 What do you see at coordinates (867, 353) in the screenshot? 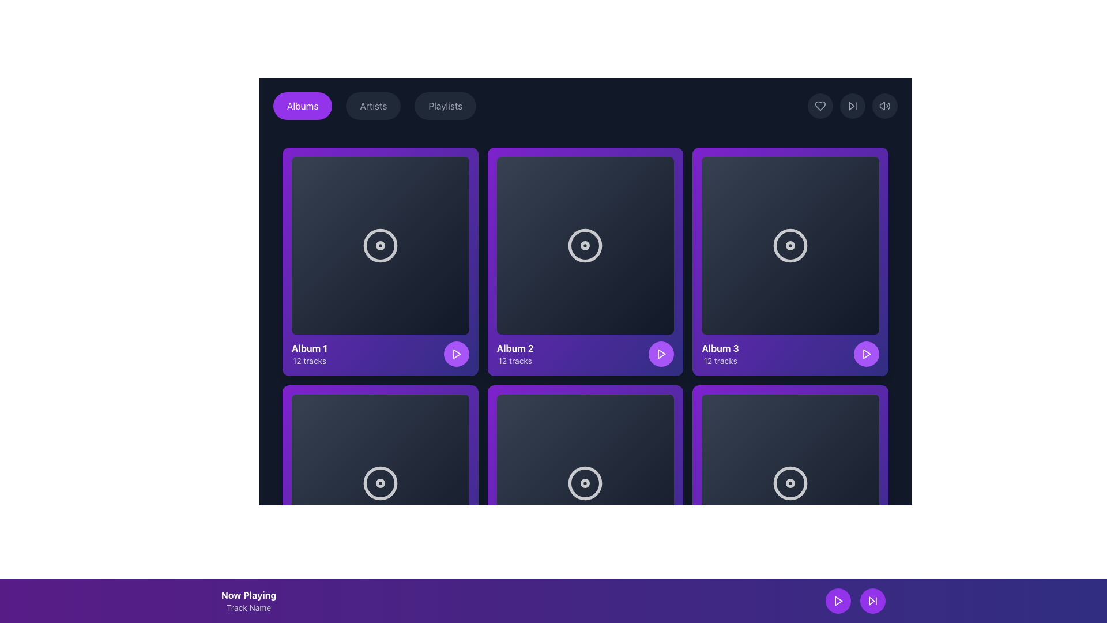
I see `the triangular 'play' icon with a purple background located at the bottom right corner of the card labeled 'Album 3' in the second row, third column of the grid to receive additional interaction feedback` at bounding box center [867, 353].